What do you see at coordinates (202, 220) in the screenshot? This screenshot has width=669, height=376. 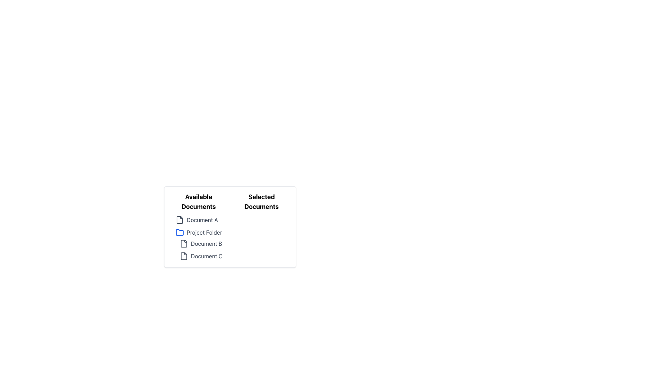 I see `the text label that represents the document titled 'Document A'` at bounding box center [202, 220].